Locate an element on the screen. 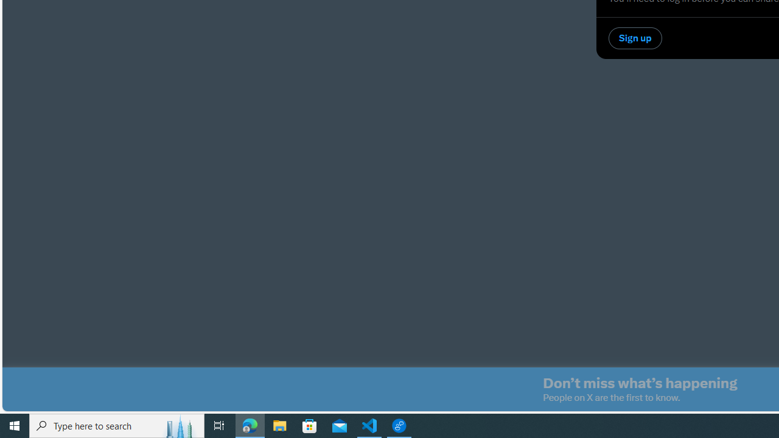 The height and width of the screenshot is (438, 779). 'File Explorer' is located at coordinates (279, 425).